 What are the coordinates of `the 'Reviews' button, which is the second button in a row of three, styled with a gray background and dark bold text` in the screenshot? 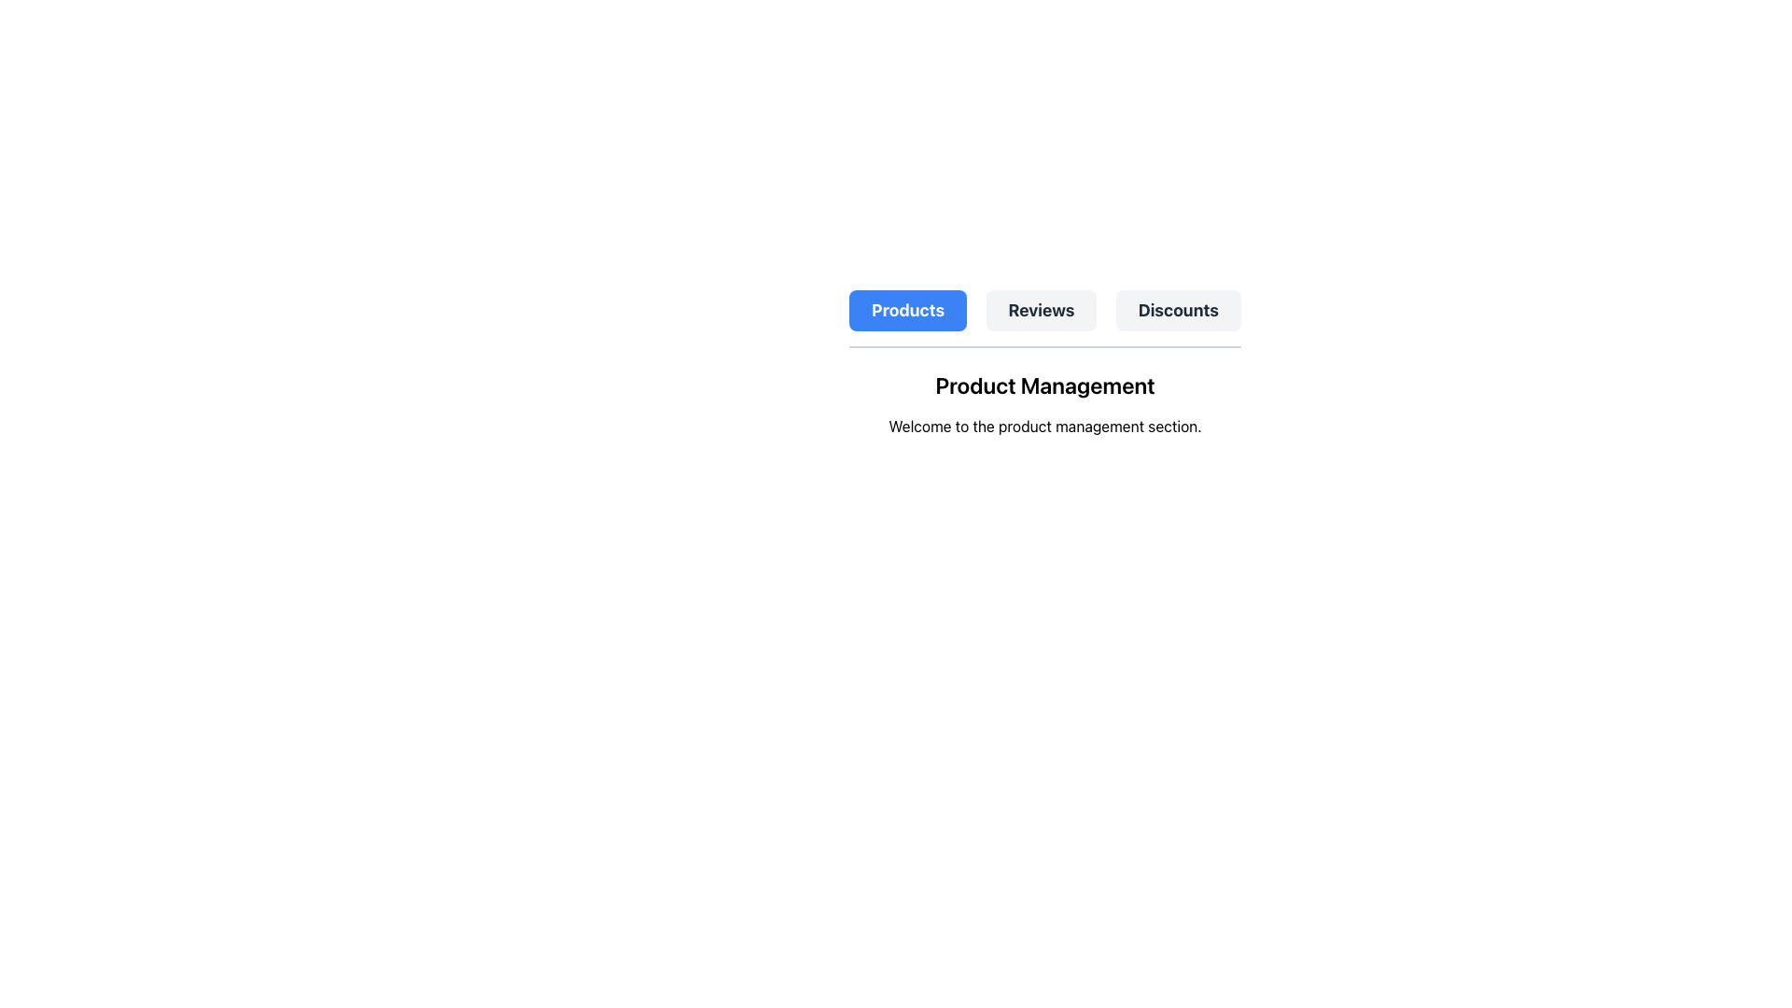 It's located at (1040, 309).